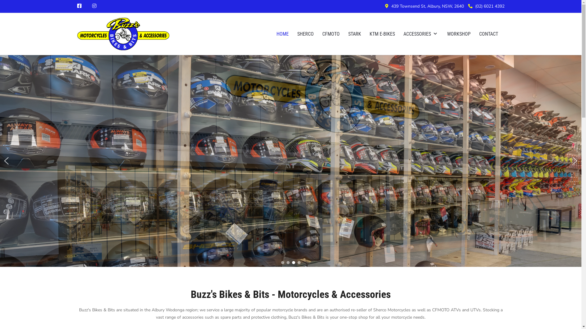 This screenshot has height=329, width=586. What do you see at coordinates (489, 34) in the screenshot?
I see `'CONTACT'` at bounding box center [489, 34].